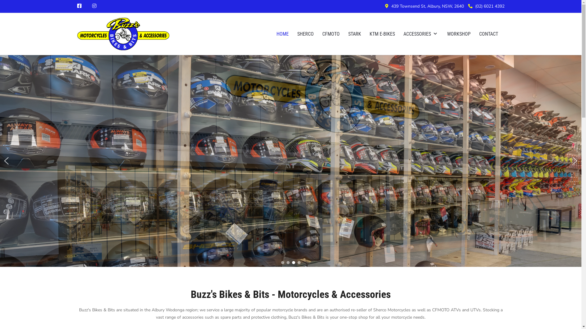 This screenshot has height=329, width=586. What do you see at coordinates (489, 34) in the screenshot?
I see `'CONTACT'` at bounding box center [489, 34].